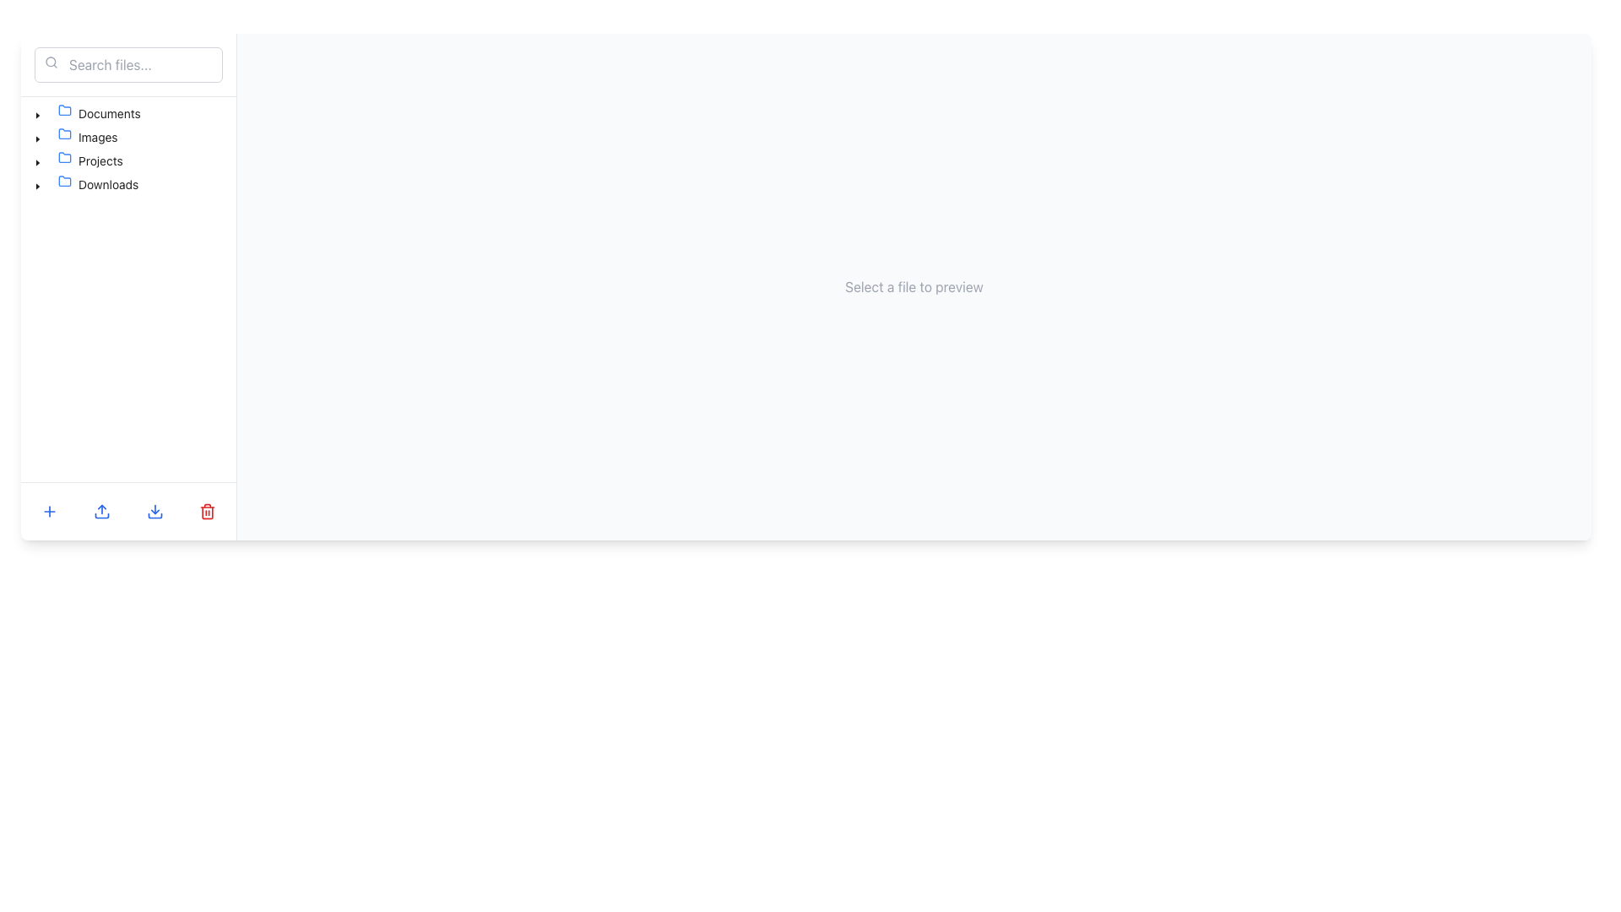 The image size is (1621, 912). Describe the element at coordinates (64, 133) in the screenshot. I see `the SVG icon representing the 'Images' folder` at that location.